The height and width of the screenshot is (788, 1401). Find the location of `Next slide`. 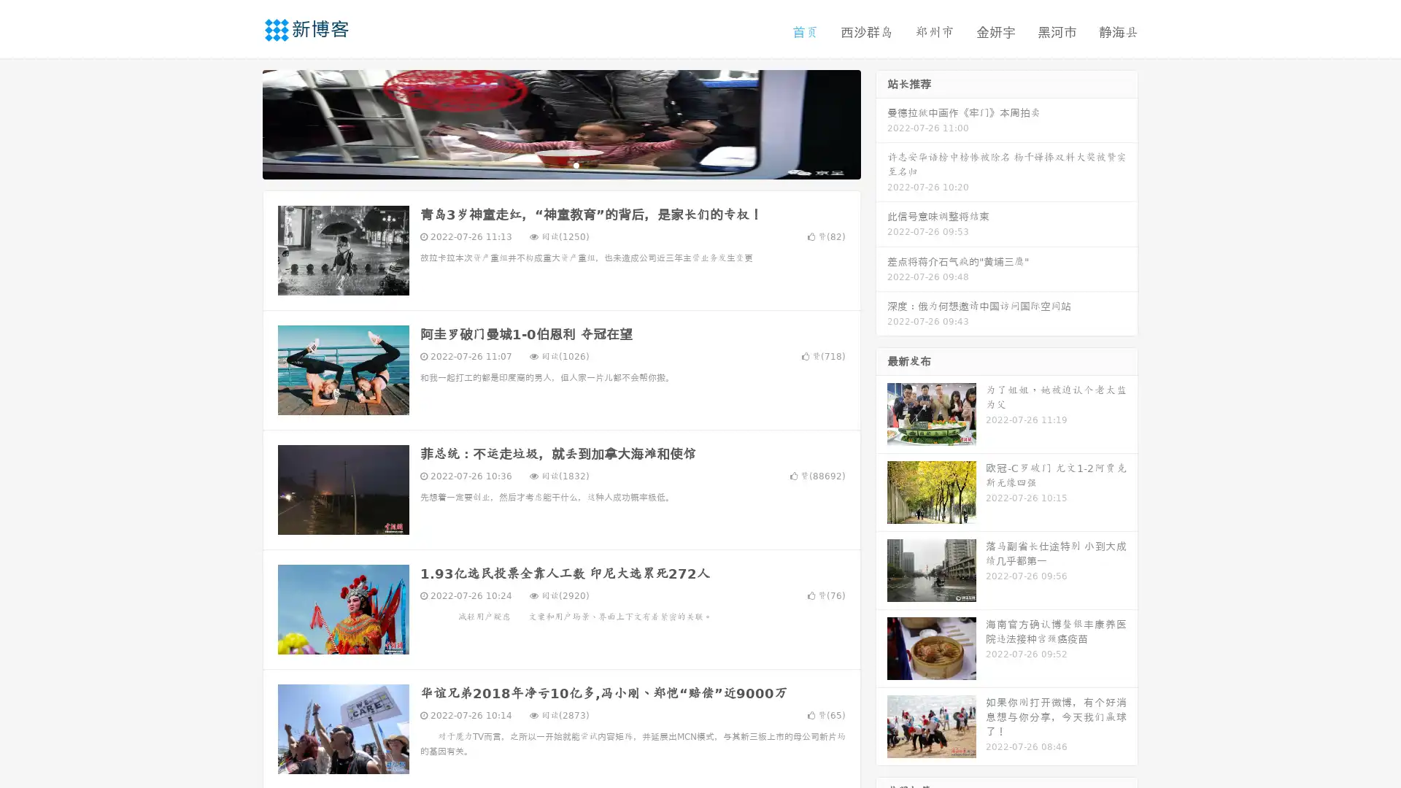

Next slide is located at coordinates (881, 123).